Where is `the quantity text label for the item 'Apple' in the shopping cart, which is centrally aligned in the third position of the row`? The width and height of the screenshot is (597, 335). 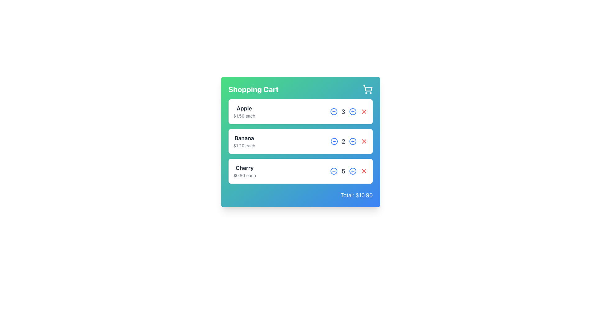 the quantity text label for the item 'Apple' in the shopping cart, which is centrally aligned in the third position of the row is located at coordinates (349, 111).